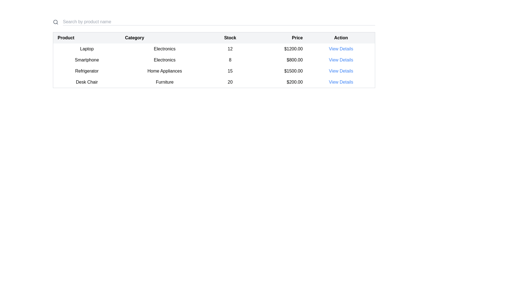 Image resolution: width=532 pixels, height=299 pixels. Describe the element at coordinates (86, 71) in the screenshot. I see `the text label displaying 'Refrigerator' located in the third row of the 'Product' column in the table` at that location.